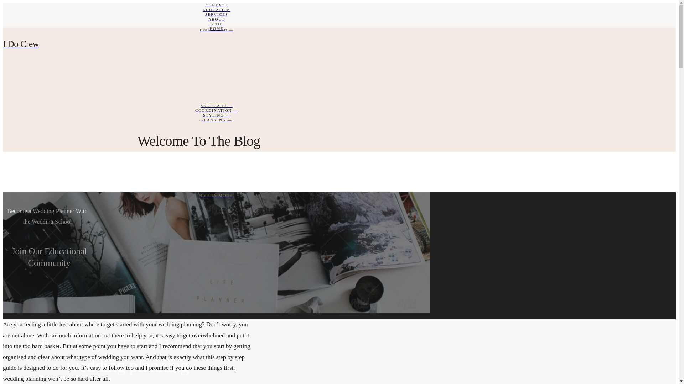  What do you see at coordinates (216, 23) in the screenshot?
I see `'BLOG'` at bounding box center [216, 23].